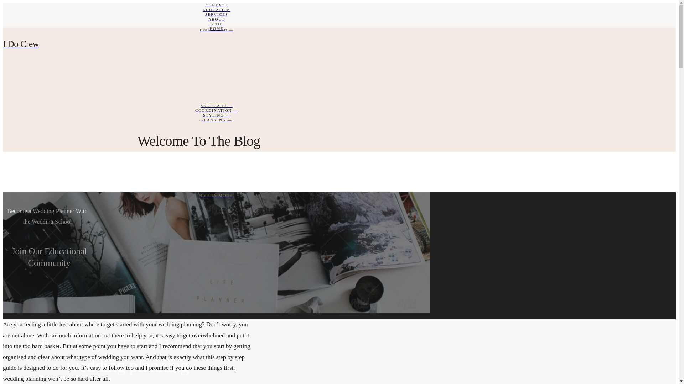  What do you see at coordinates (216, 23) in the screenshot?
I see `'BLOG'` at bounding box center [216, 23].